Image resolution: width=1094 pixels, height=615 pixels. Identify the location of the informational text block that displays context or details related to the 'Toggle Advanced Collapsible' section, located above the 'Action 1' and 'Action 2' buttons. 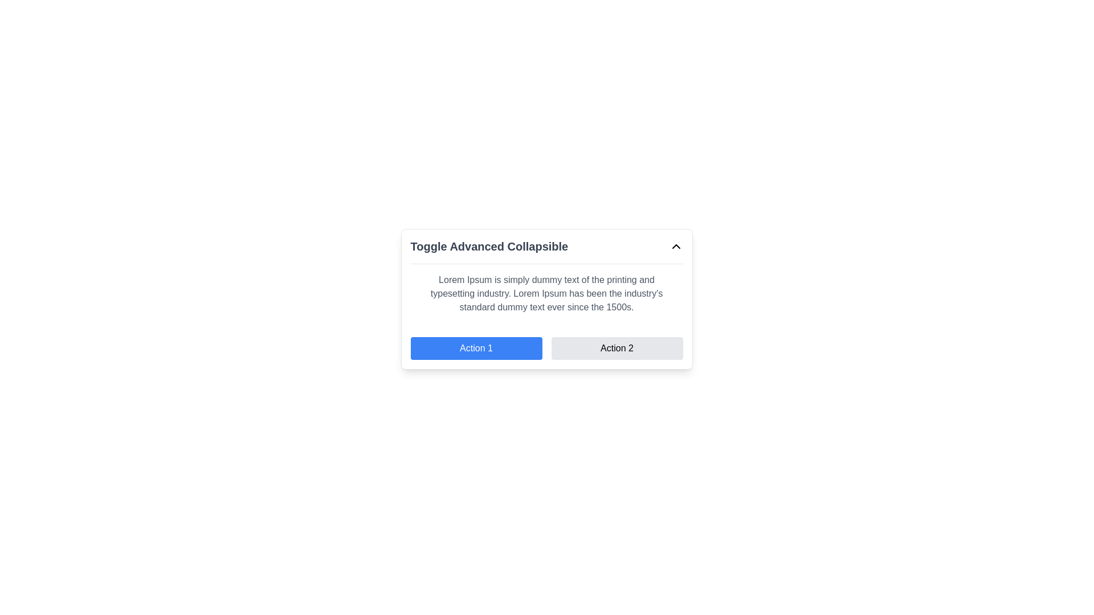
(546, 293).